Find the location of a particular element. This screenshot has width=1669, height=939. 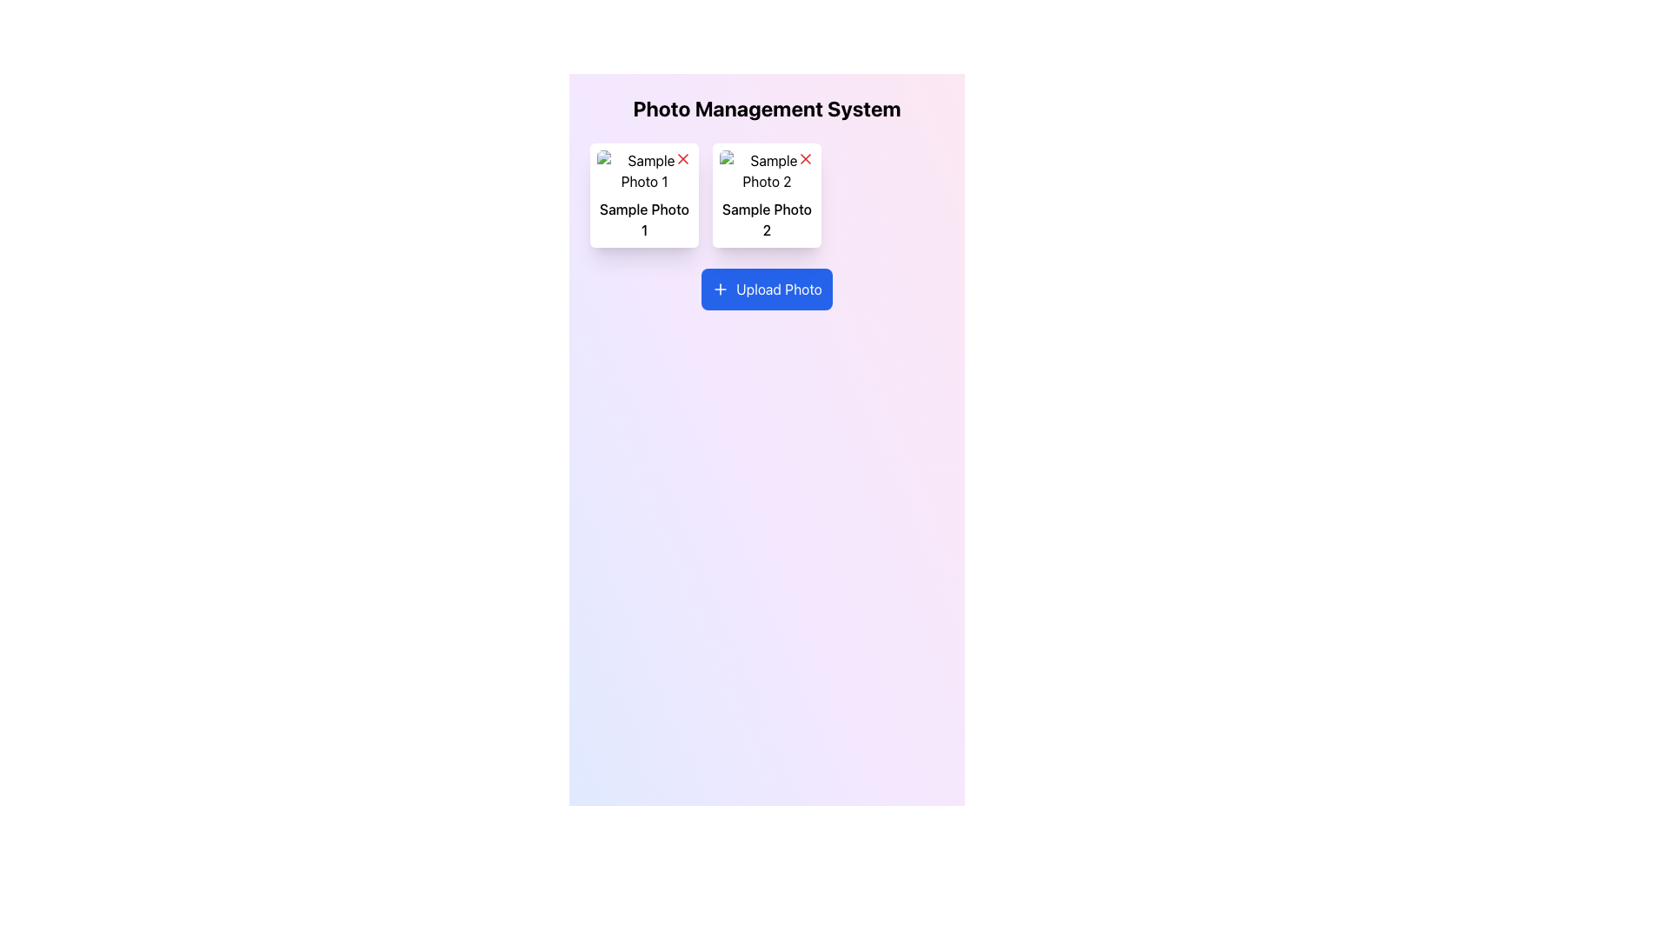

the heading labeled 'Photo Management System' which is displayed in large, bold font at the top of the interface is located at coordinates (766, 108).